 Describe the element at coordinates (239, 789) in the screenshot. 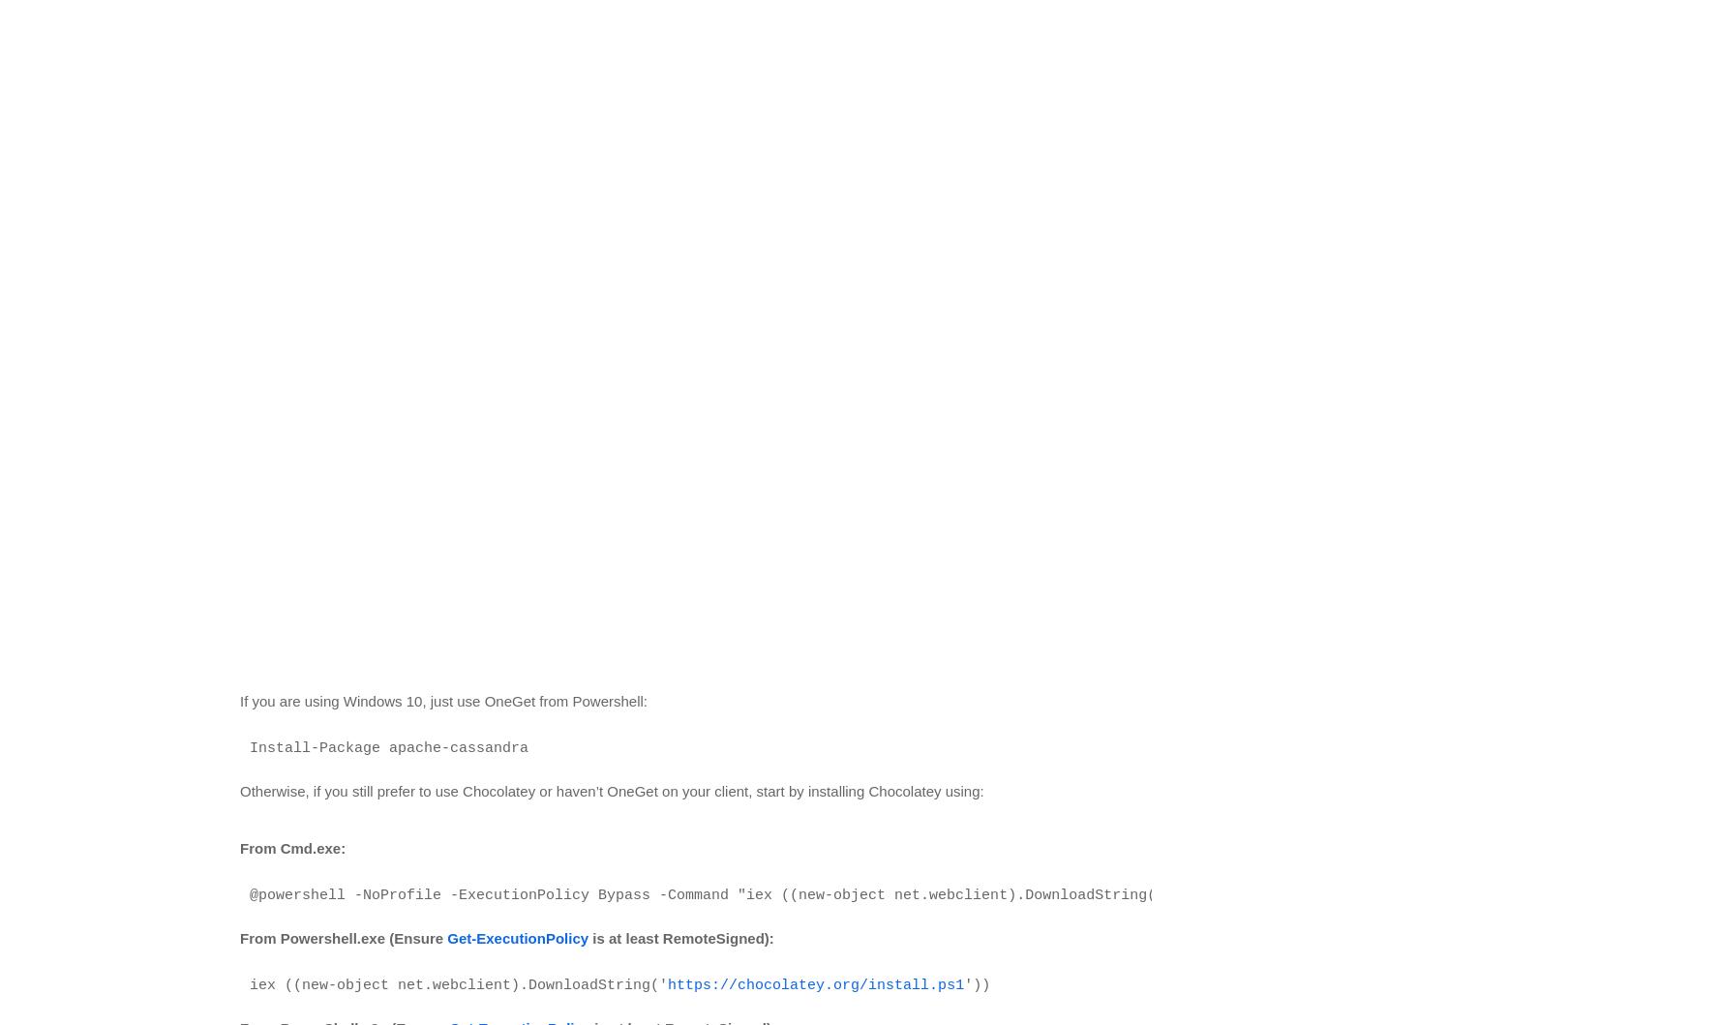

I see `'Otherwise, if you still prefer to use Chocolatey or haven’t OneGet on your client, start by installing Chocolatey using:'` at that location.